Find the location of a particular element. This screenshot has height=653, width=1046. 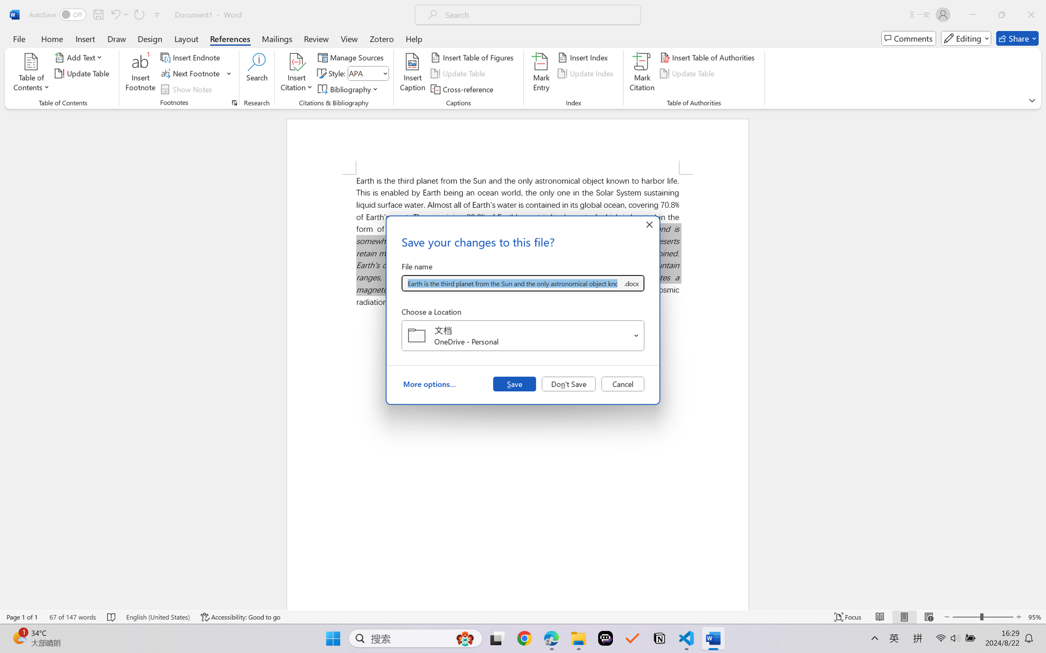

'Footnote and Endnote Dialog...' is located at coordinates (235, 102).